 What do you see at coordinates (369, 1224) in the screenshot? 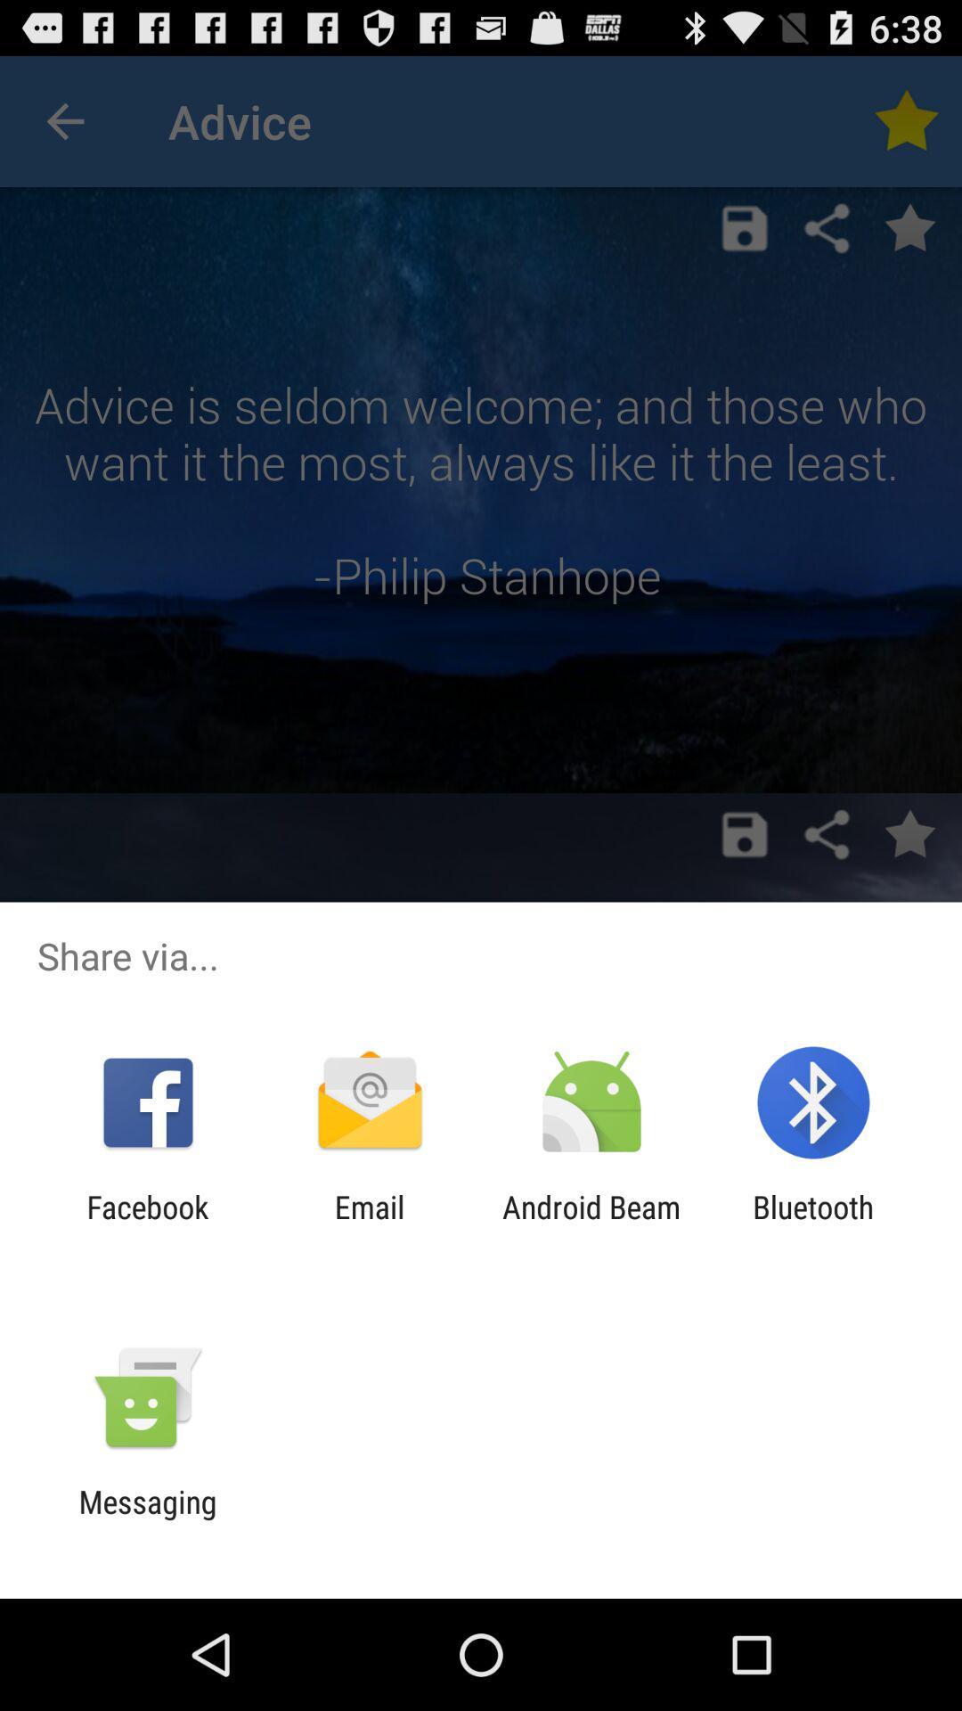
I see `app next to facebook item` at bounding box center [369, 1224].